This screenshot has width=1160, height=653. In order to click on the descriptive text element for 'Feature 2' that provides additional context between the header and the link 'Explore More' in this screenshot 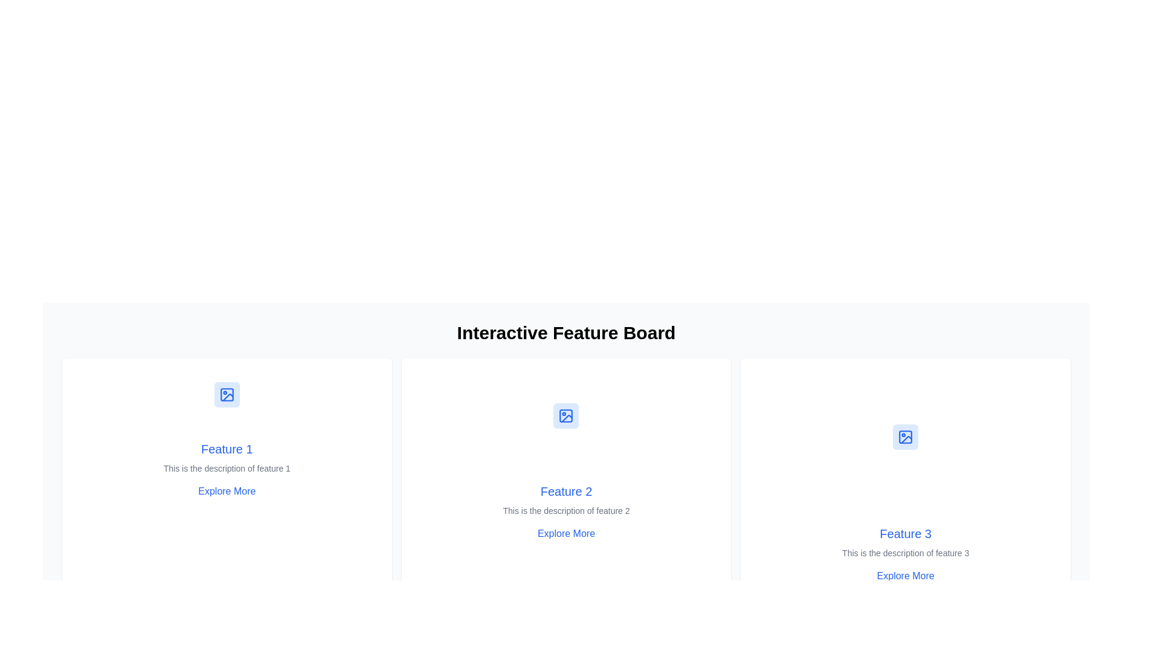, I will do `click(565, 510)`.